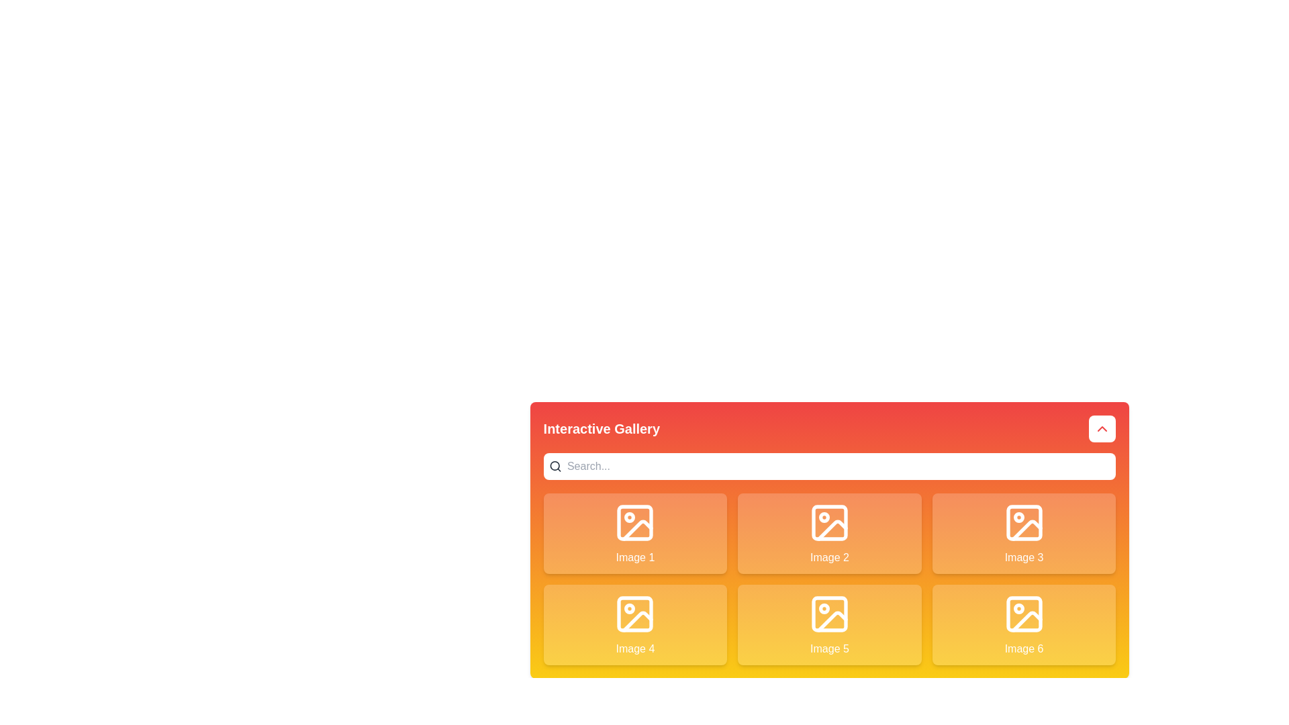 This screenshot has width=1289, height=725. I want to click on the icon resembling an image placeholder under the label 'Image 5' in the center-bottom rectangular group of the gallery layout, so click(828, 614).